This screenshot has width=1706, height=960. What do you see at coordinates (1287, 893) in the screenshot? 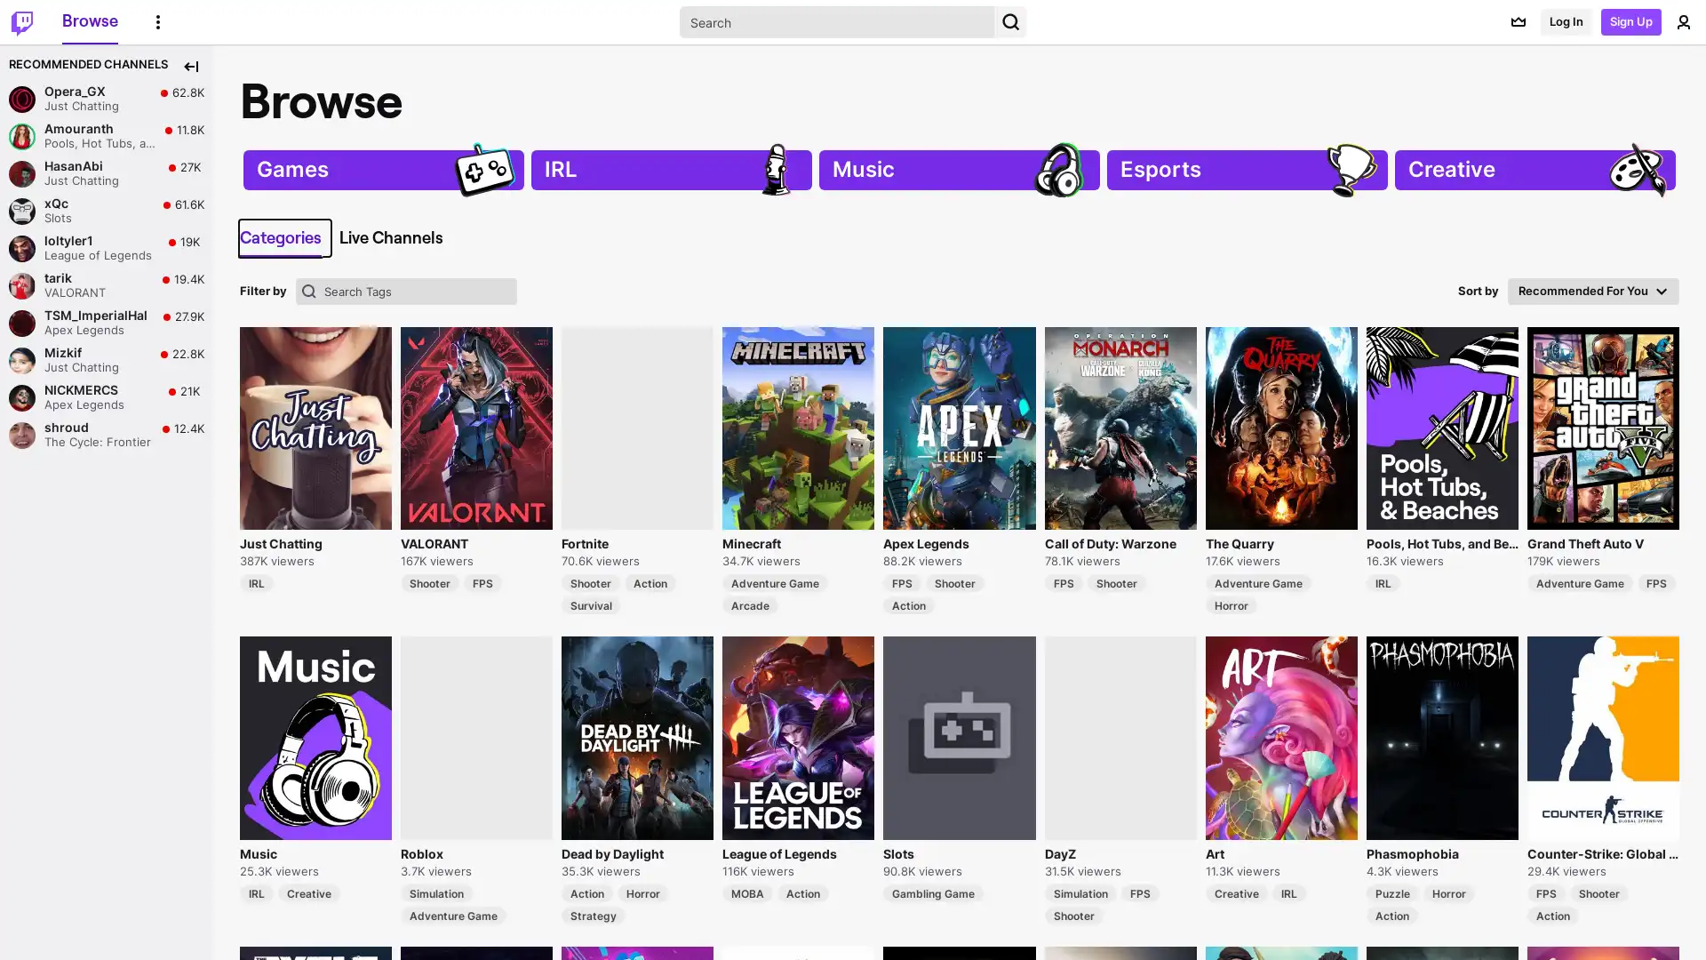
I see `IRL` at bounding box center [1287, 893].